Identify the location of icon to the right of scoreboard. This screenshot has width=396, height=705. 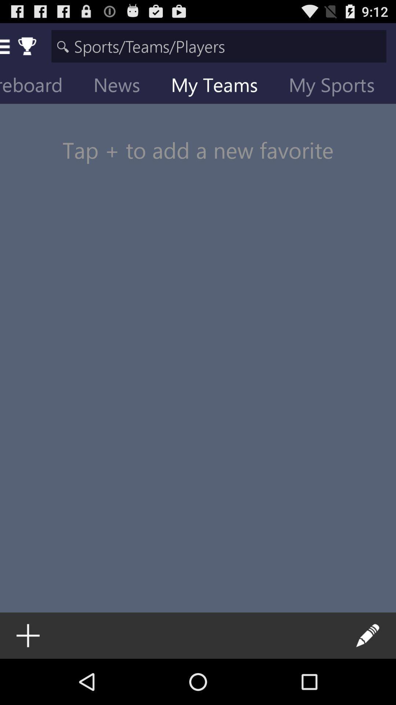
(122, 86).